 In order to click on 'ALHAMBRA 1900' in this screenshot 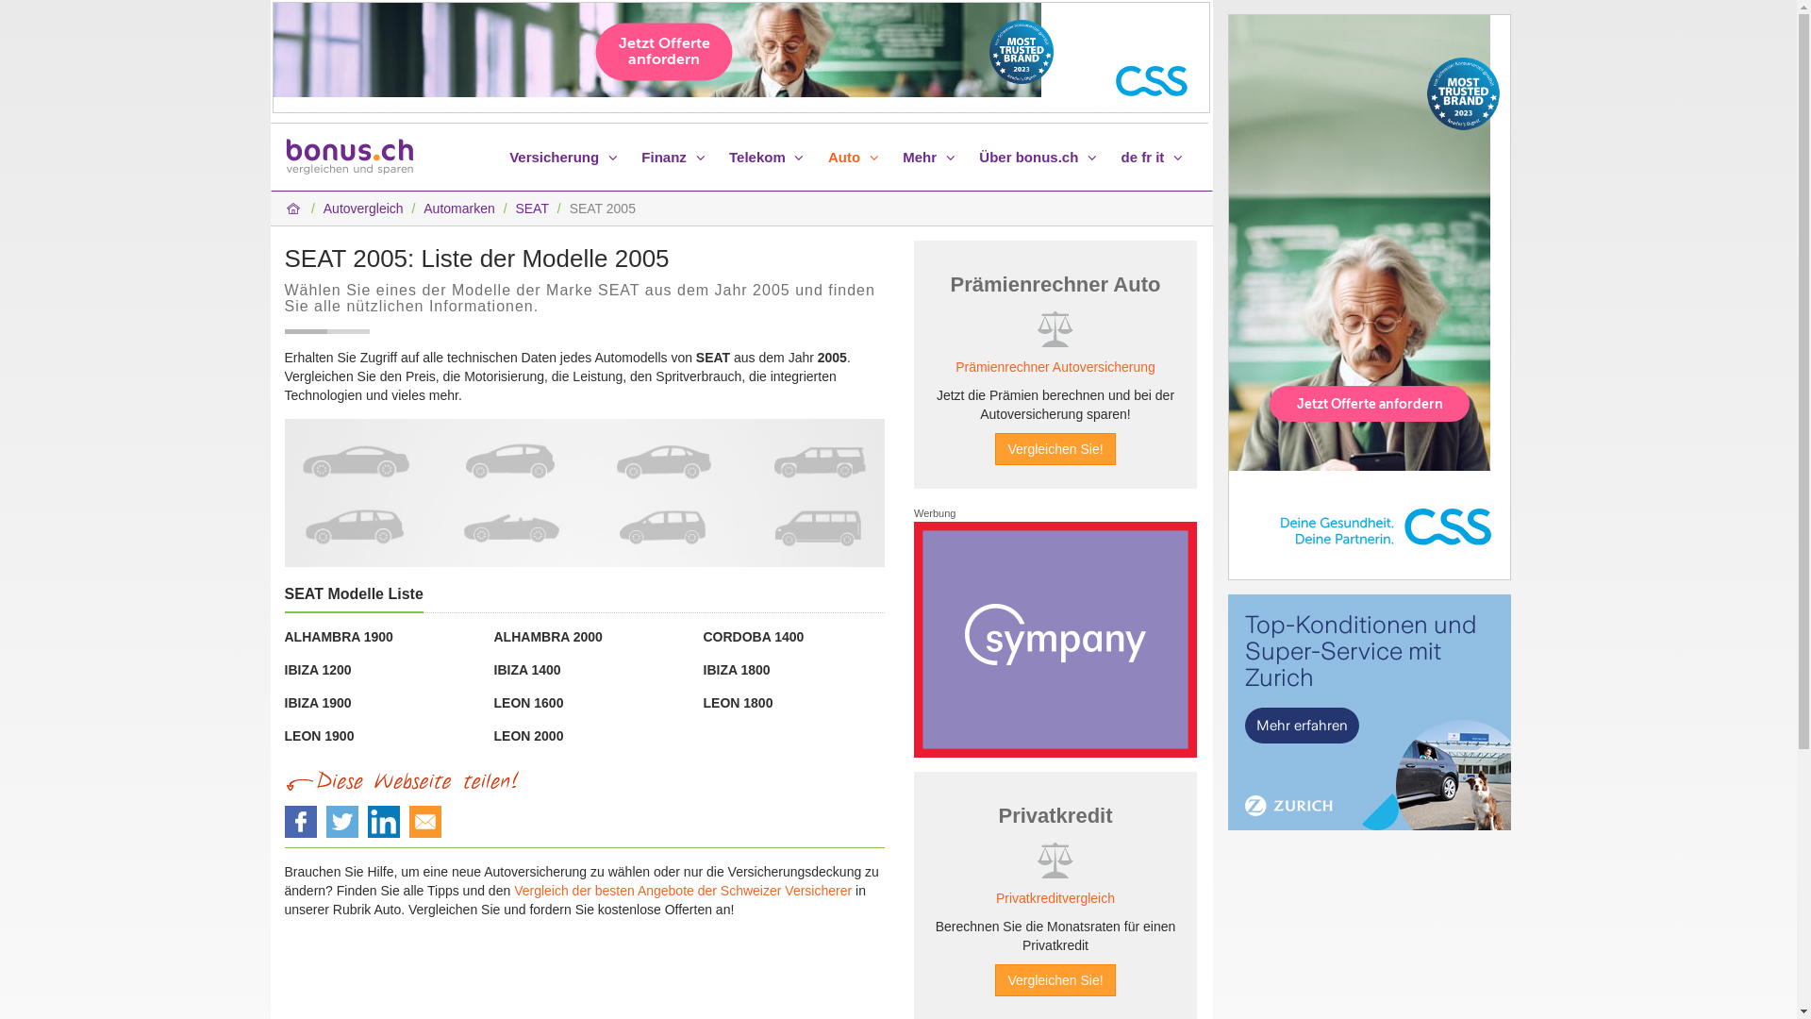, I will do `click(284, 637)`.